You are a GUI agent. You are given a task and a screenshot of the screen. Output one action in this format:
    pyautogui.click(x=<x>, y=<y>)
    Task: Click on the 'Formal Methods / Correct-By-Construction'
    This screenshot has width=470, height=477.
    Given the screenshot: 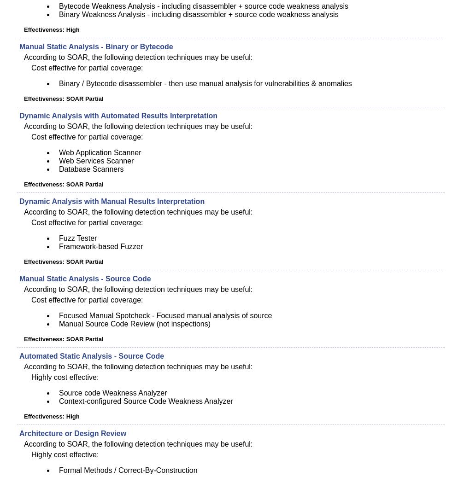 What is the action you would take?
    pyautogui.click(x=59, y=470)
    